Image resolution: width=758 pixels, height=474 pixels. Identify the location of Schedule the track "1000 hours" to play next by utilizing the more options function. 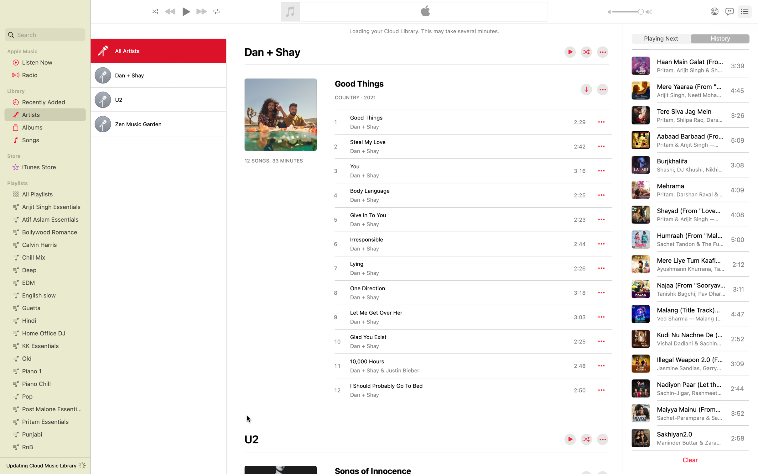
(601, 366).